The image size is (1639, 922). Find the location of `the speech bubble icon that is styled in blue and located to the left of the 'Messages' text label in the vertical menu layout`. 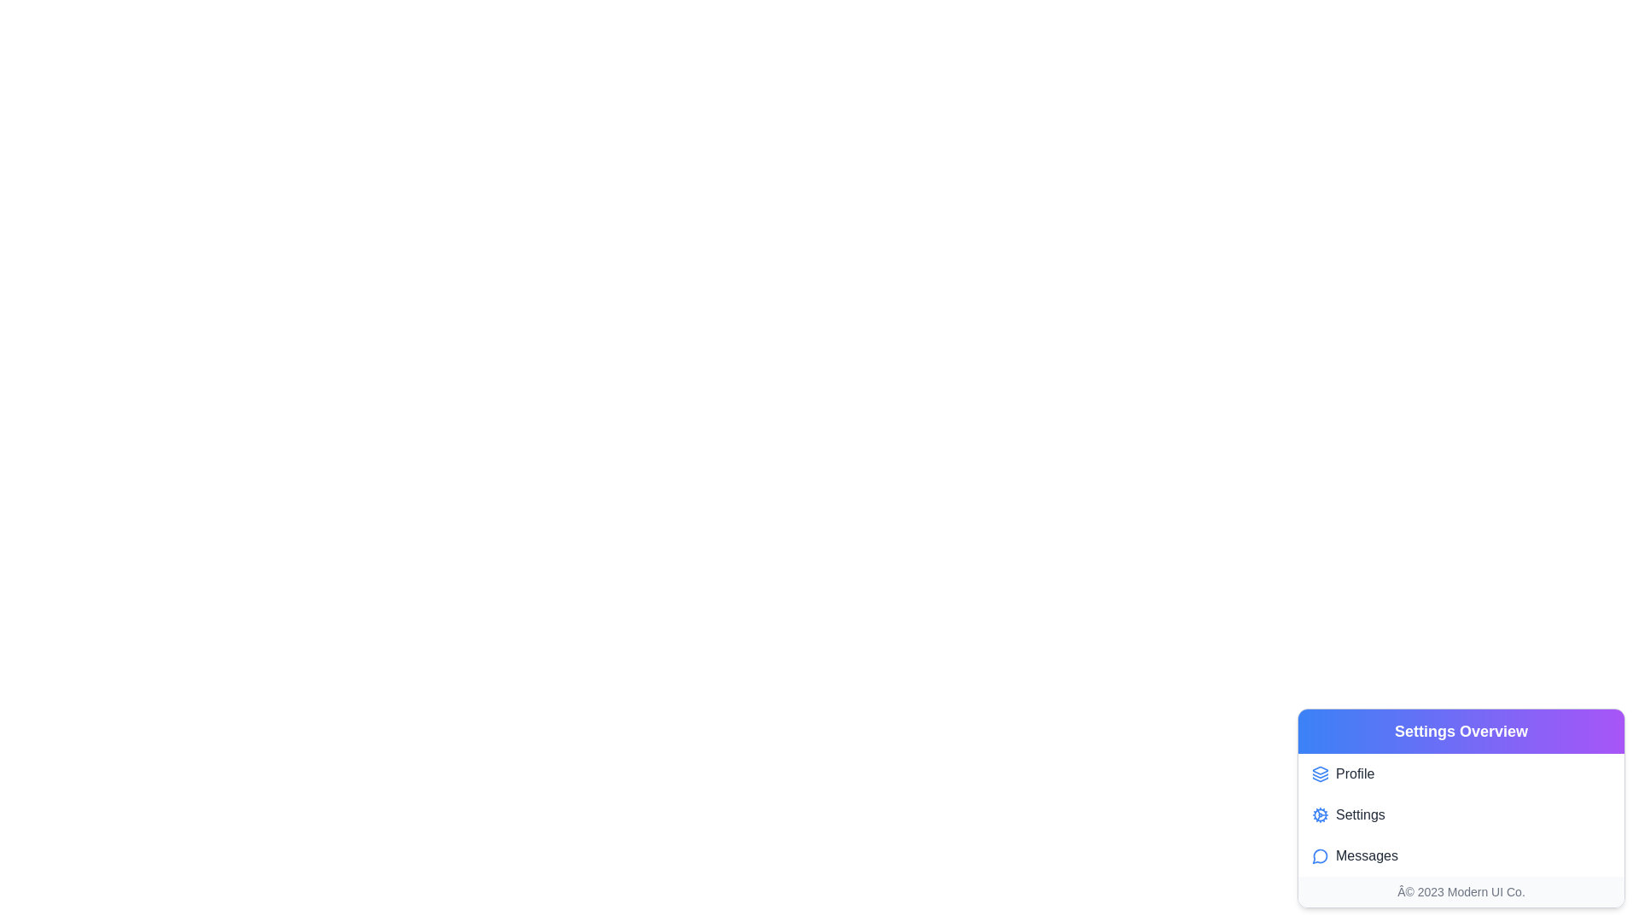

the speech bubble icon that is styled in blue and located to the left of the 'Messages' text label in the vertical menu layout is located at coordinates (1319, 855).